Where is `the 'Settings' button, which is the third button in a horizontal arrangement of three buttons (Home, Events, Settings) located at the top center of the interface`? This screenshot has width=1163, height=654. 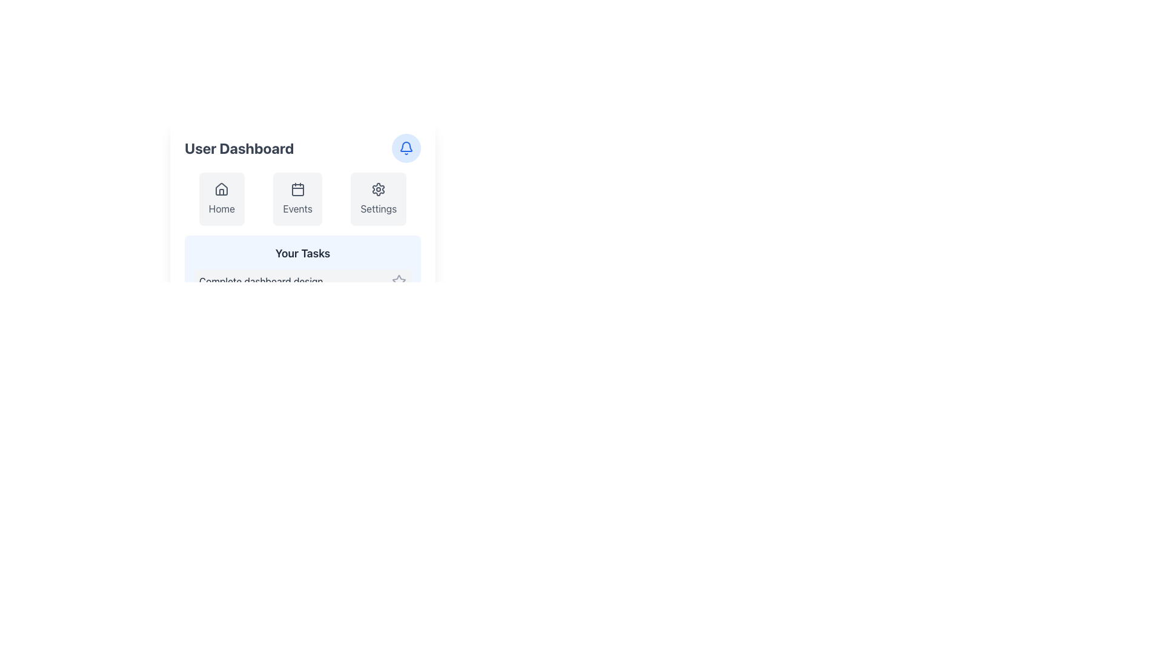 the 'Settings' button, which is the third button in a horizontal arrangement of three buttons (Home, Events, Settings) located at the top center of the interface is located at coordinates (378, 198).